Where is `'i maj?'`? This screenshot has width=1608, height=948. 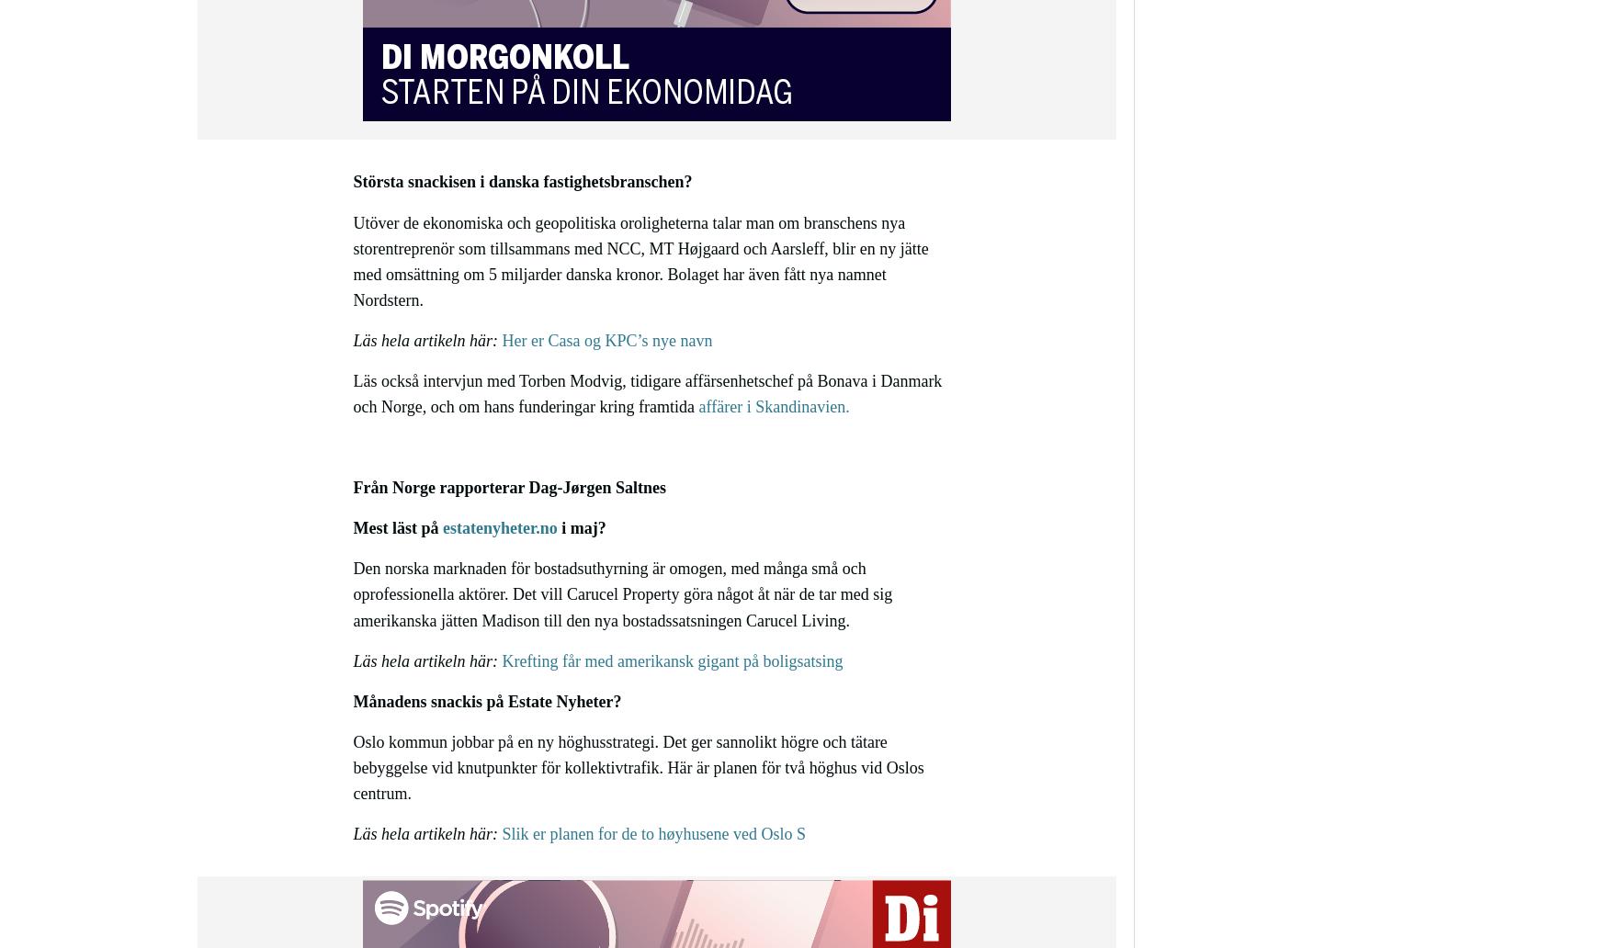 'i maj?' is located at coordinates (557, 528).